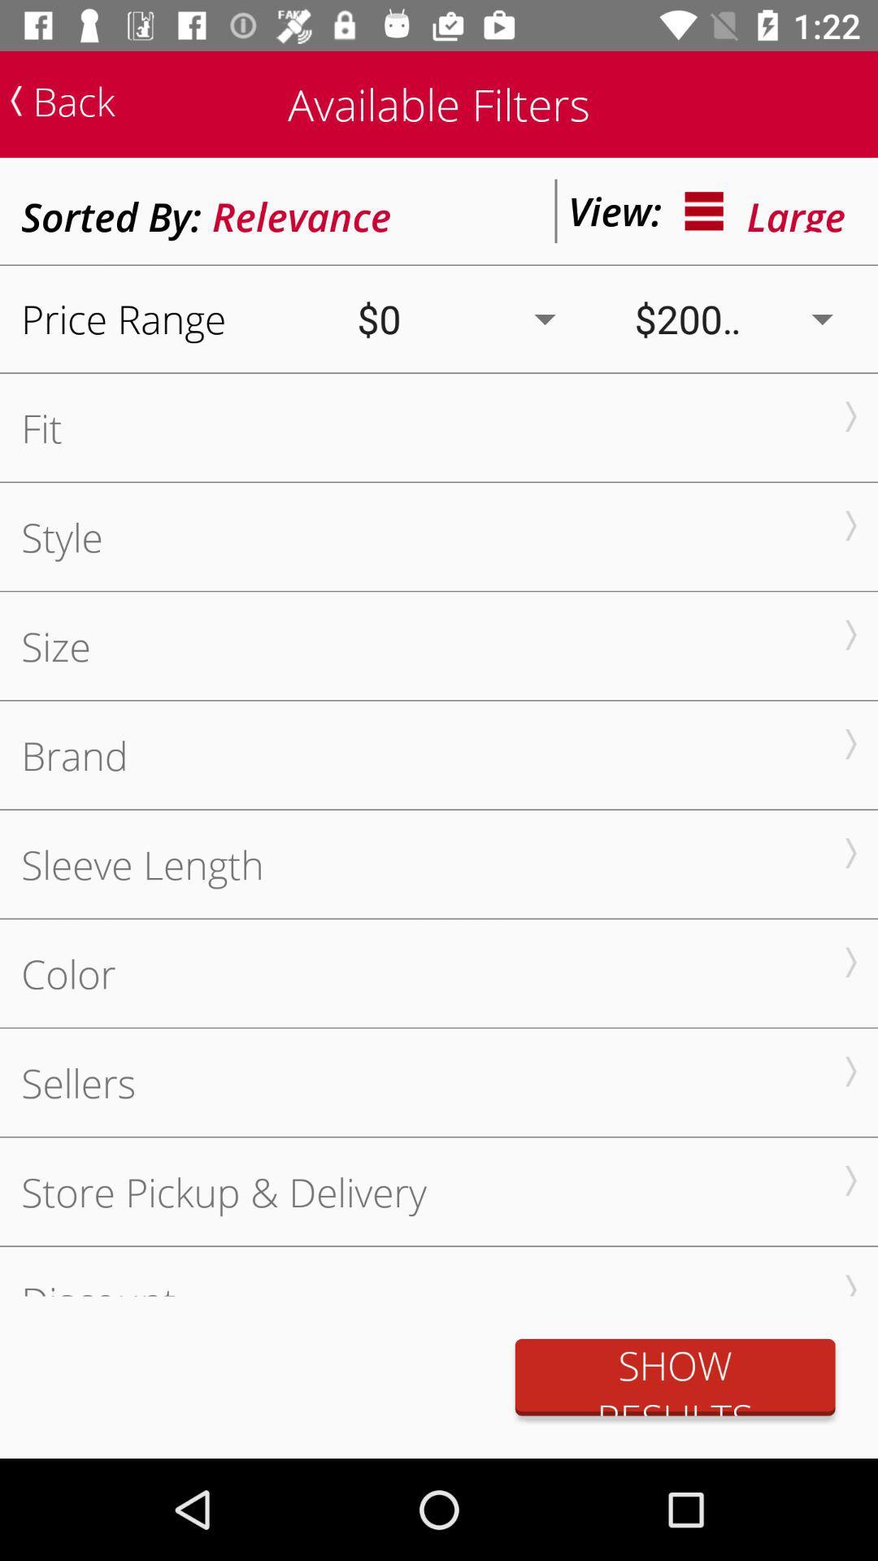  What do you see at coordinates (302, 210) in the screenshot?
I see `relevance item` at bounding box center [302, 210].